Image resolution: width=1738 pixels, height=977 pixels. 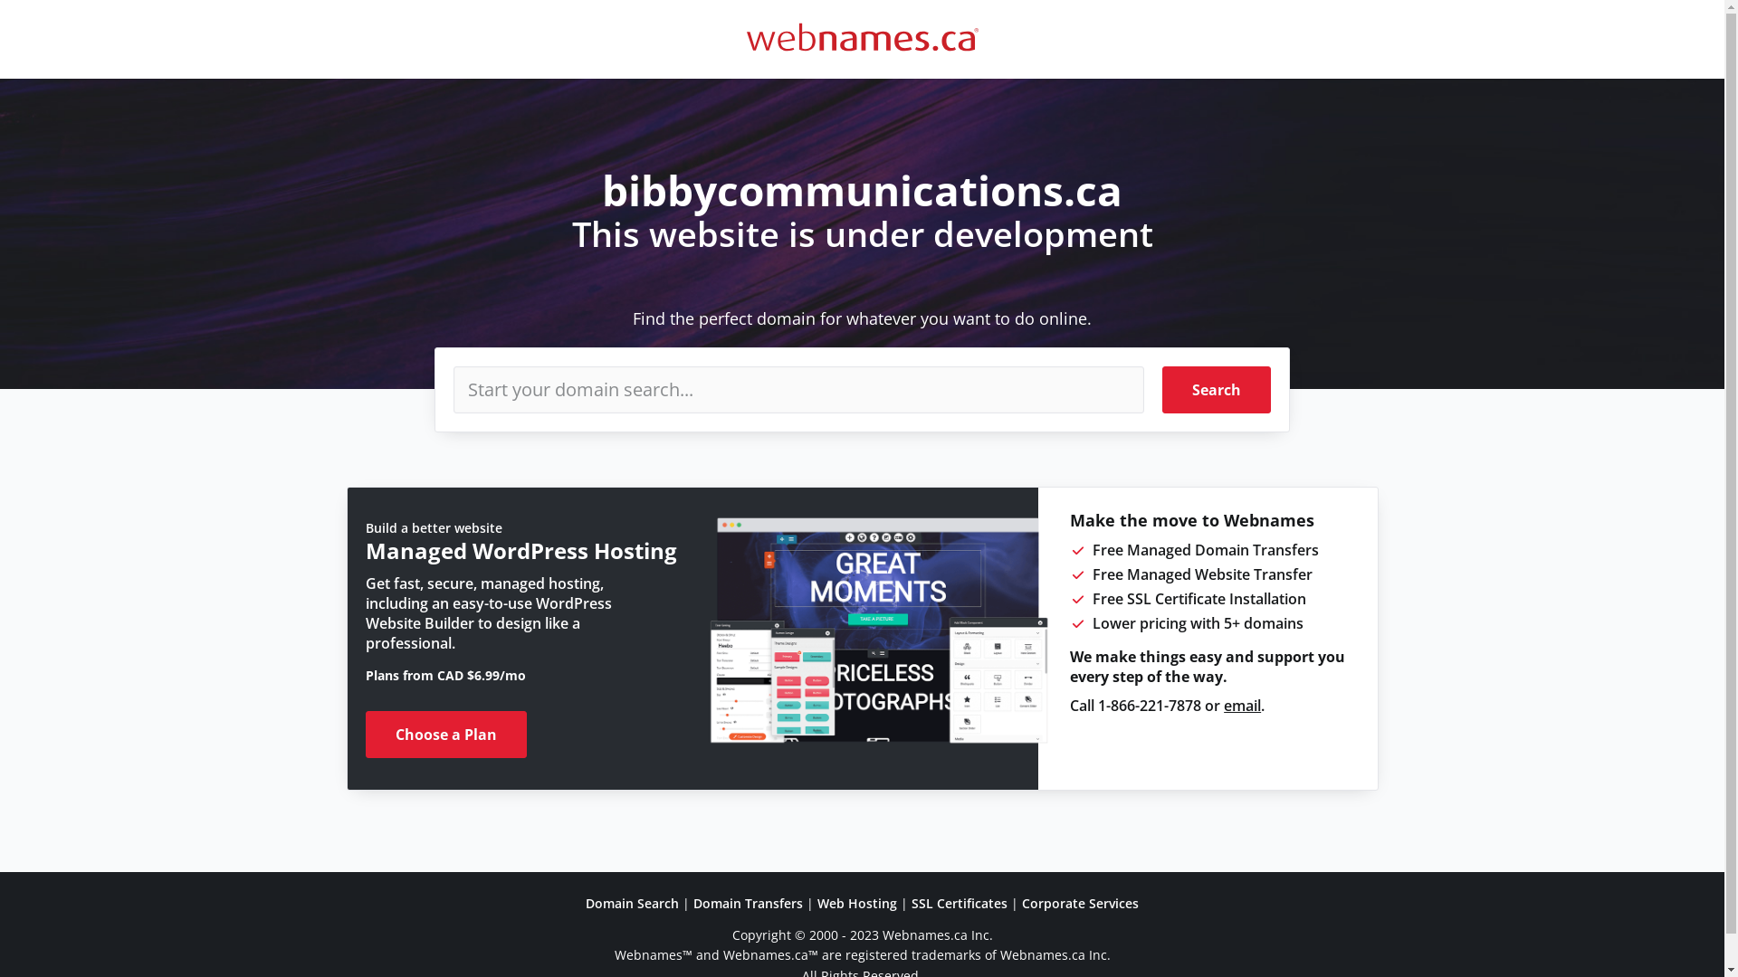 I want to click on 'Domain Transfers', so click(x=748, y=903).